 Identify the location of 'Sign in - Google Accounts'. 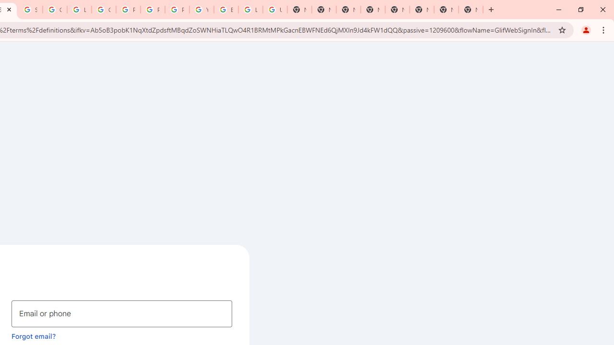
(31, 10).